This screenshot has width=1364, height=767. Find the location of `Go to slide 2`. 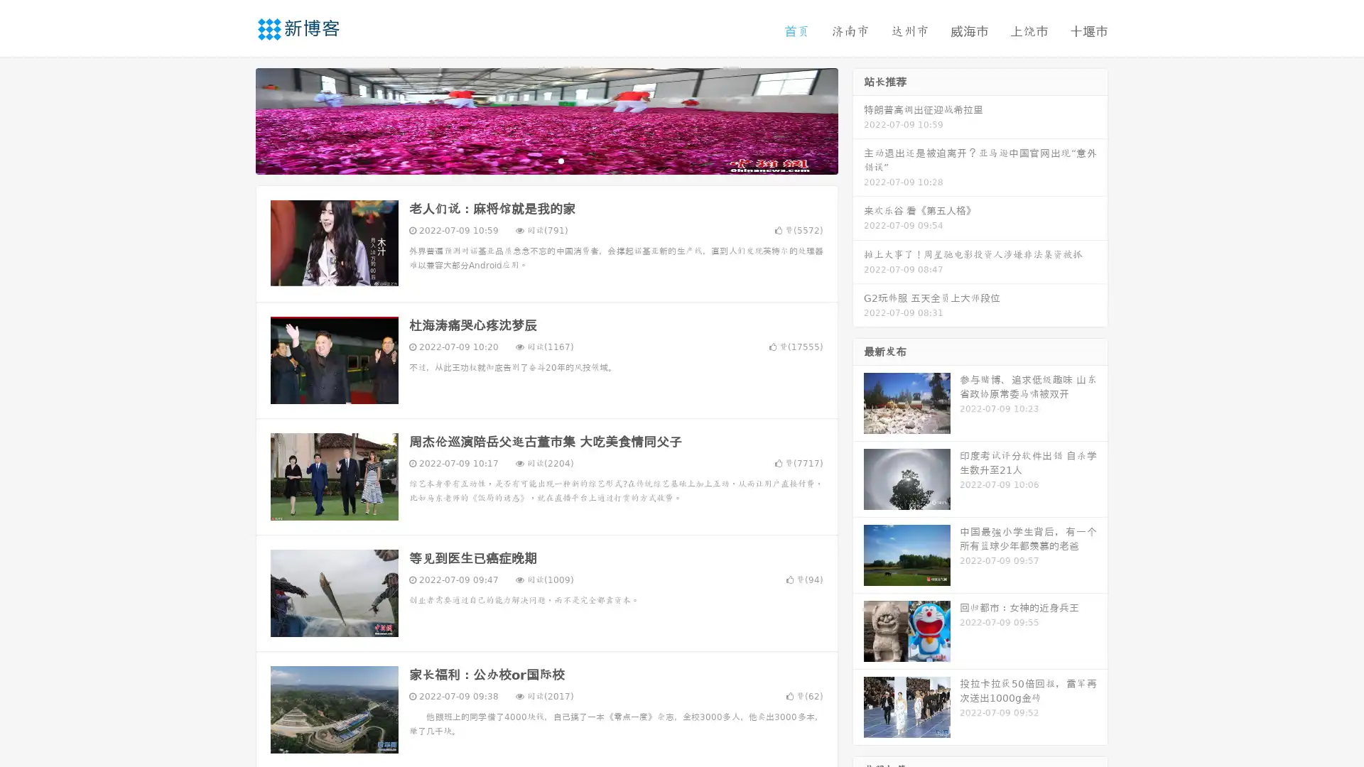

Go to slide 2 is located at coordinates (546, 160).